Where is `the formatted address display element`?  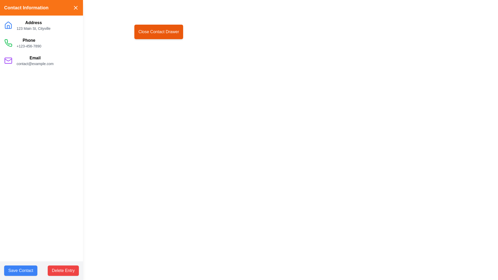
the formatted address display element is located at coordinates (33, 25).